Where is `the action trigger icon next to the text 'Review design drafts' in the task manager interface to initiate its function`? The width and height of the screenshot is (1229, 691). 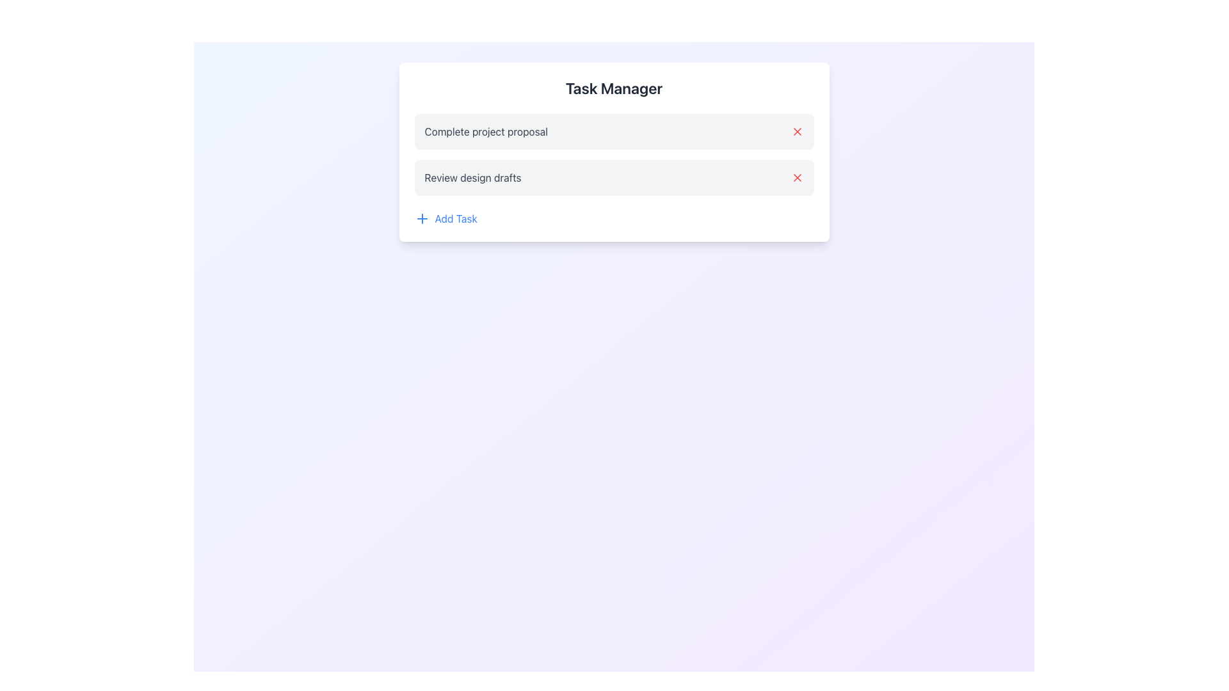
the action trigger icon next to the text 'Review design drafts' in the task manager interface to initiate its function is located at coordinates (796, 177).